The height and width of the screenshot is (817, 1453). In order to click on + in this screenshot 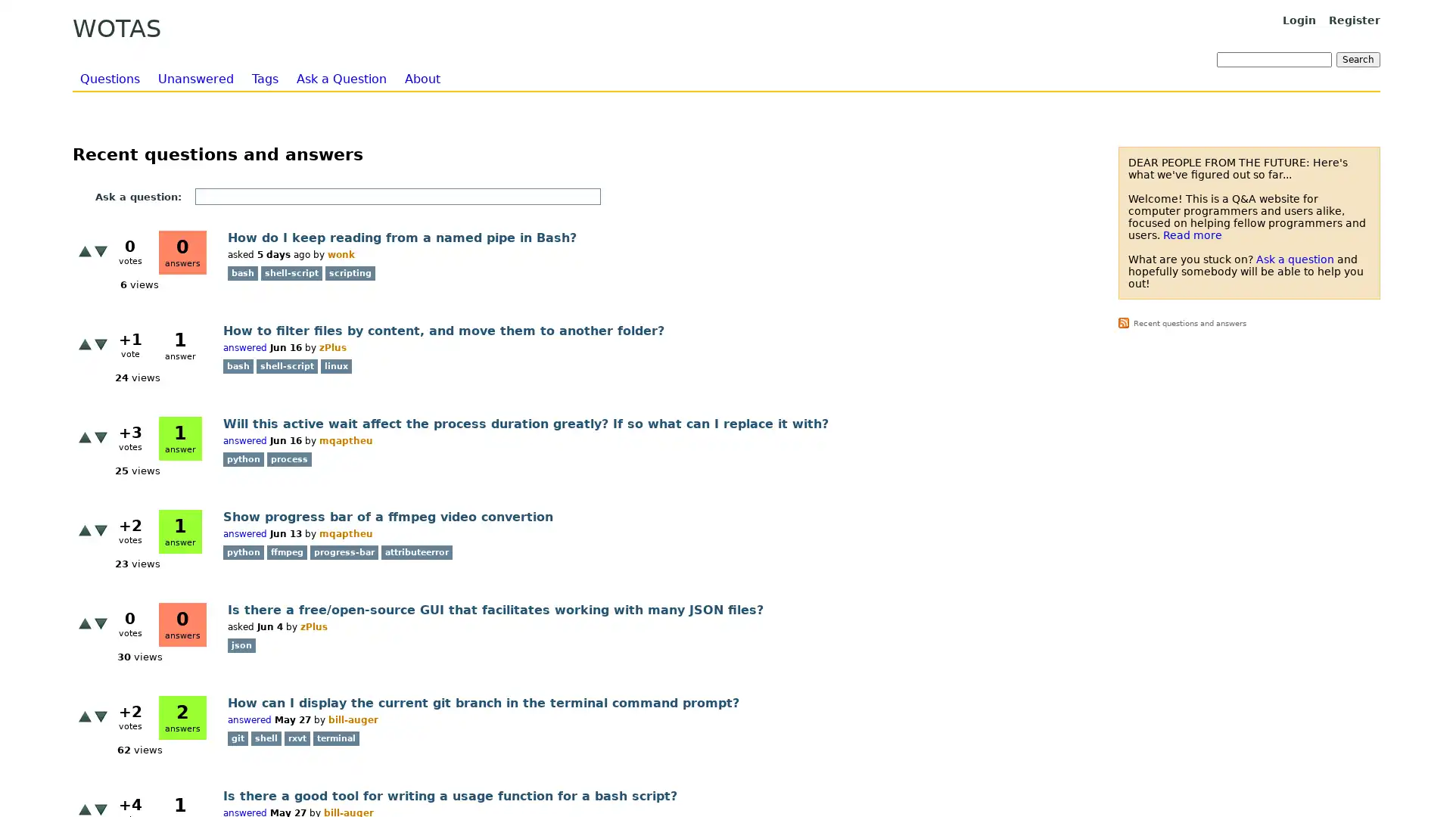, I will do `click(84, 716)`.